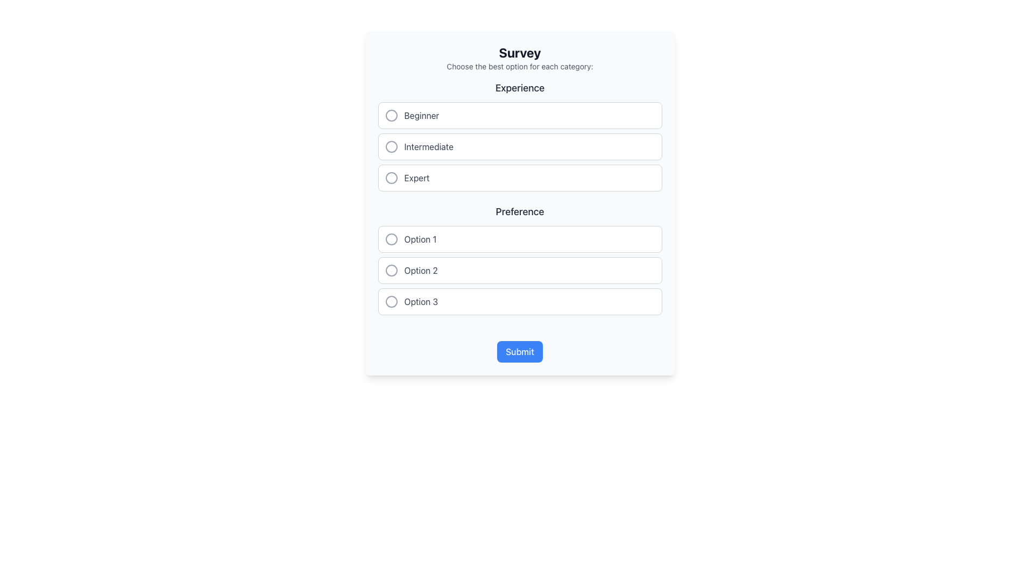 The width and height of the screenshot is (1033, 581). Describe the element at coordinates (520, 270) in the screenshot. I see `the second selectable option block under the 'Preference' section of the page` at that location.